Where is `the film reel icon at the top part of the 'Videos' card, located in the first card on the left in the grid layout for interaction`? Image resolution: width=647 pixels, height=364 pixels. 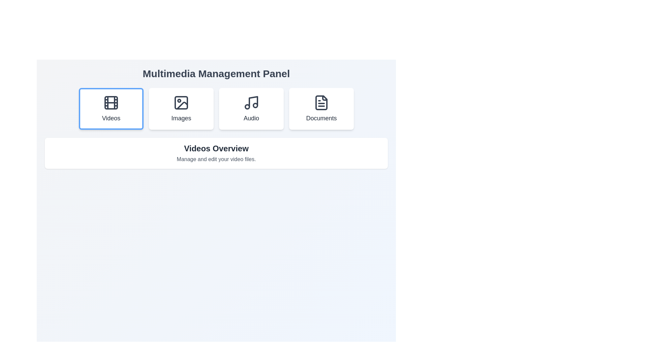 the film reel icon at the top part of the 'Videos' card, located in the first card on the left in the grid layout for interaction is located at coordinates (111, 102).